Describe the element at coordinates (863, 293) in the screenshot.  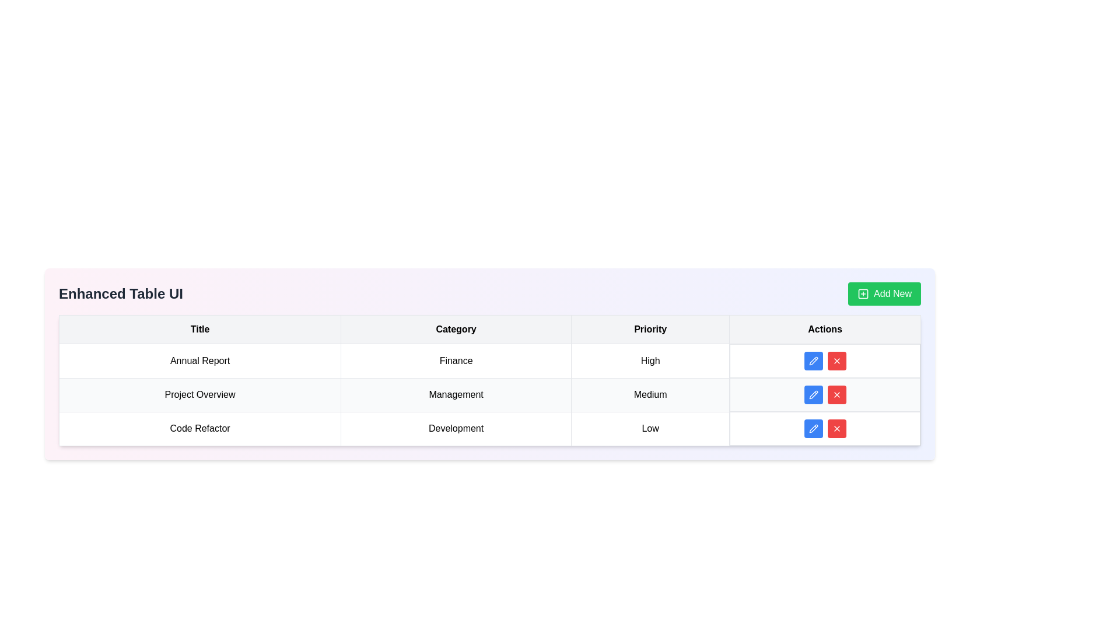
I see `the Background SVG rectangle that serves as a structural component of the 'Add New' button icon located in the top-right corner of the UI` at that location.